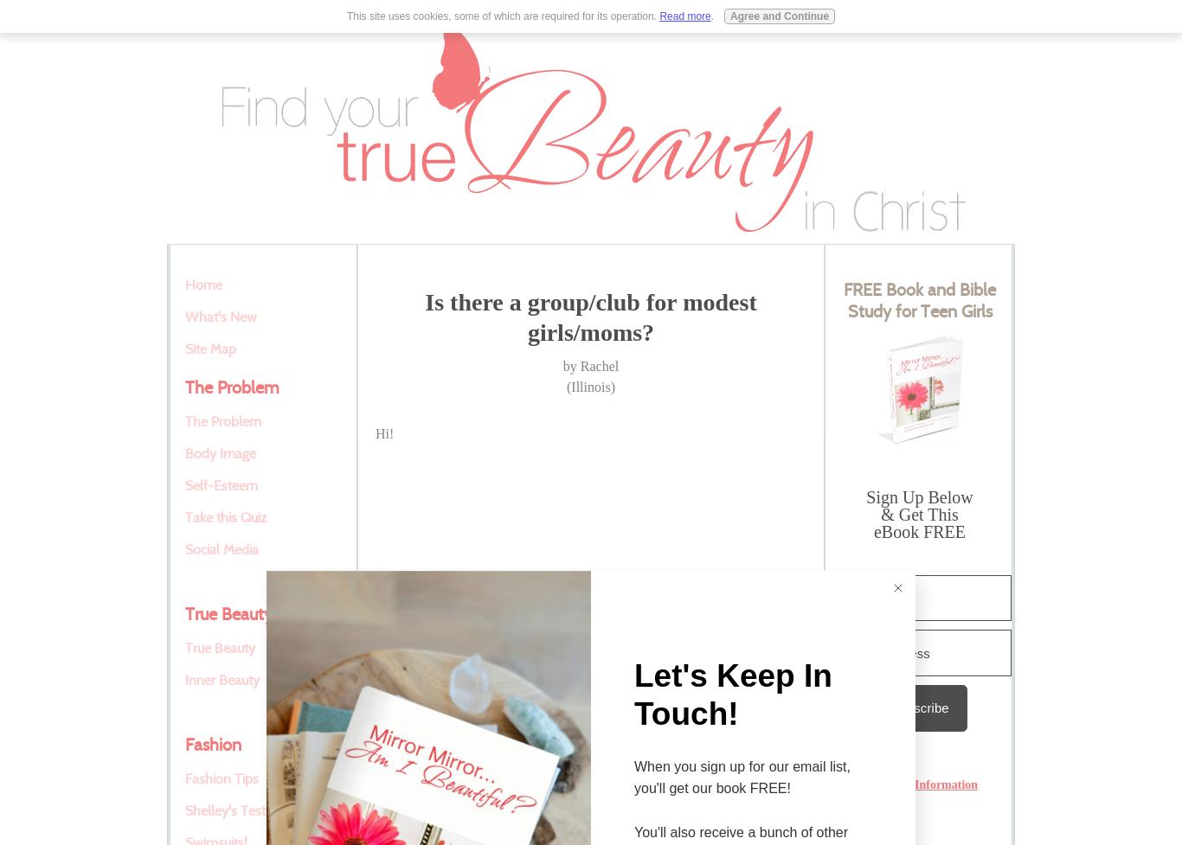 The width and height of the screenshot is (1182, 845). Describe the element at coordinates (709, 15) in the screenshot. I see `'.'` at that location.